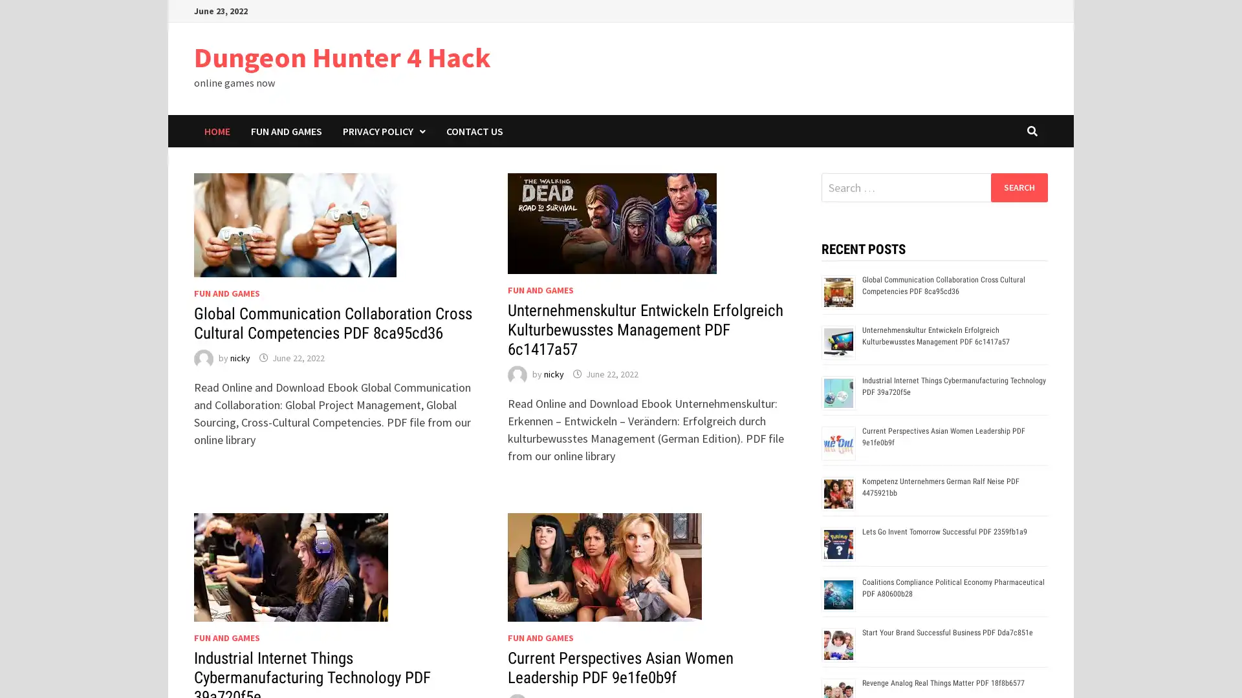  What do you see at coordinates (1018, 187) in the screenshot?
I see `Search` at bounding box center [1018, 187].